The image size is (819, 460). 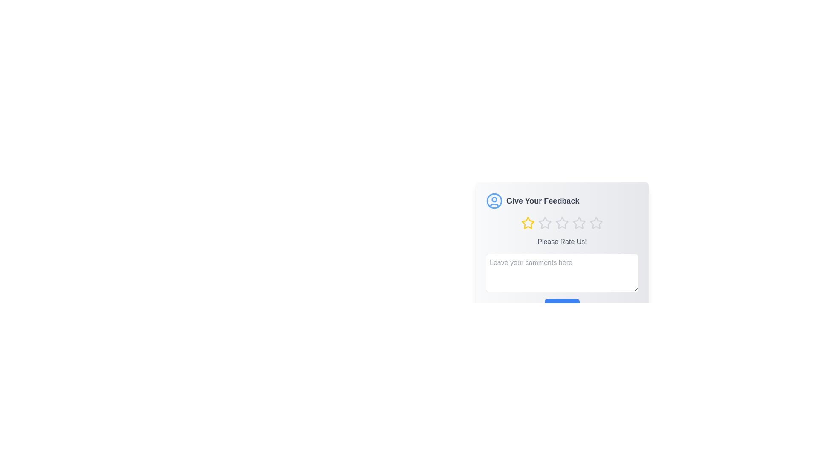 What do you see at coordinates (544, 223) in the screenshot?
I see `the second star in the rating system` at bounding box center [544, 223].